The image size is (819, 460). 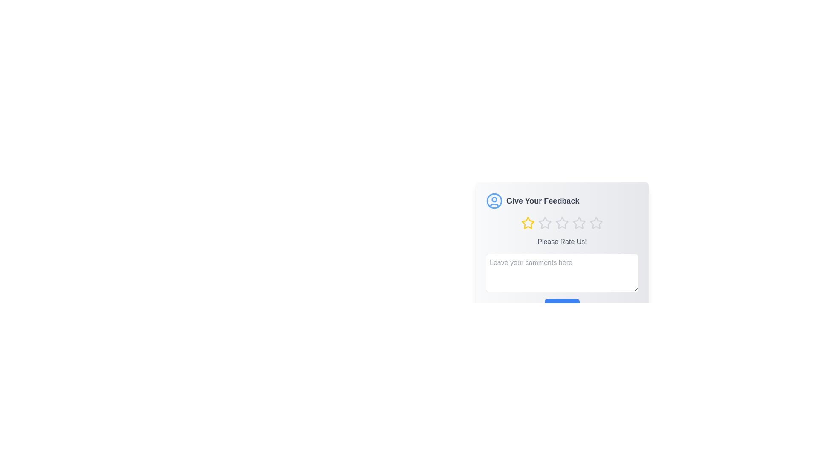 What do you see at coordinates (544, 223) in the screenshot?
I see `the second star in the rating system` at bounding box center [544, 223].